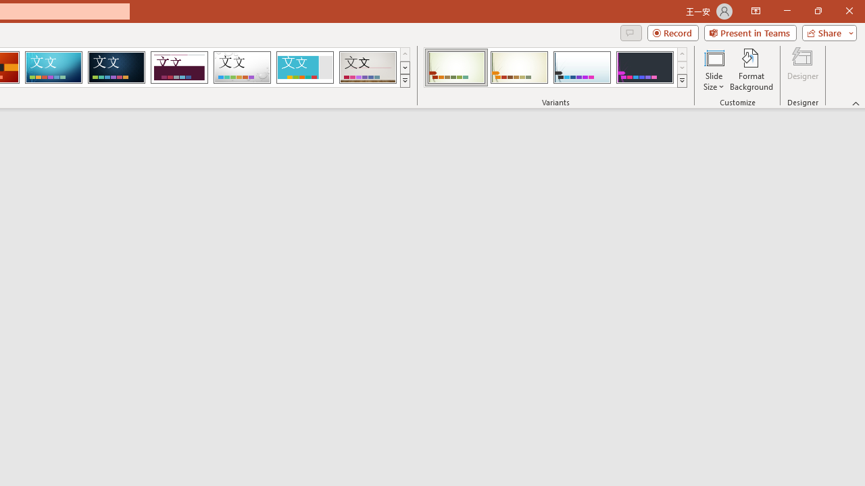 This screenshot has height=486, width=865. What do you see at coordinates (682, 81) in the screenshot?
I see `'Variants'` at bounding box center [682, 81].